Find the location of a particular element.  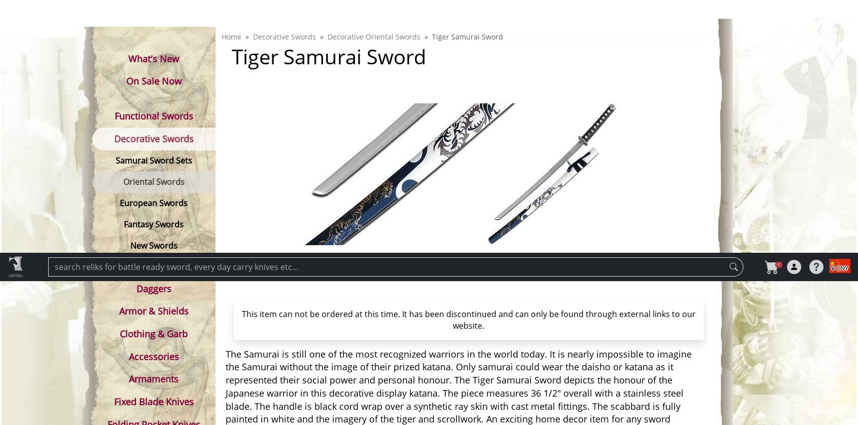

'6431' is located at coordinates (499, 351).